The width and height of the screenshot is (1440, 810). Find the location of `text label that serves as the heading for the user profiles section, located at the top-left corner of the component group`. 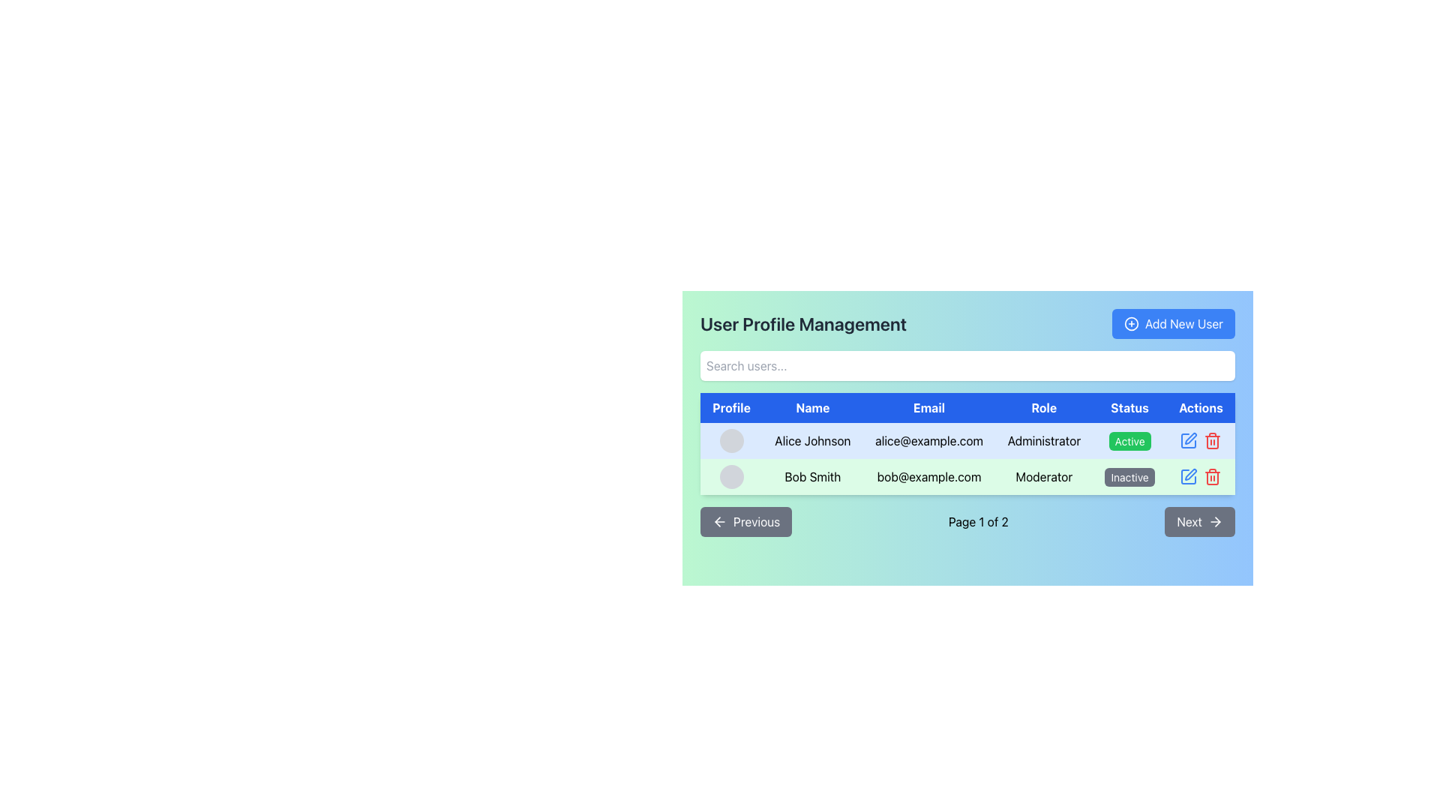

text label that serves as the heading for the user profiles section, located at the top-left corner of the component group is located at coordinates (802, 323).